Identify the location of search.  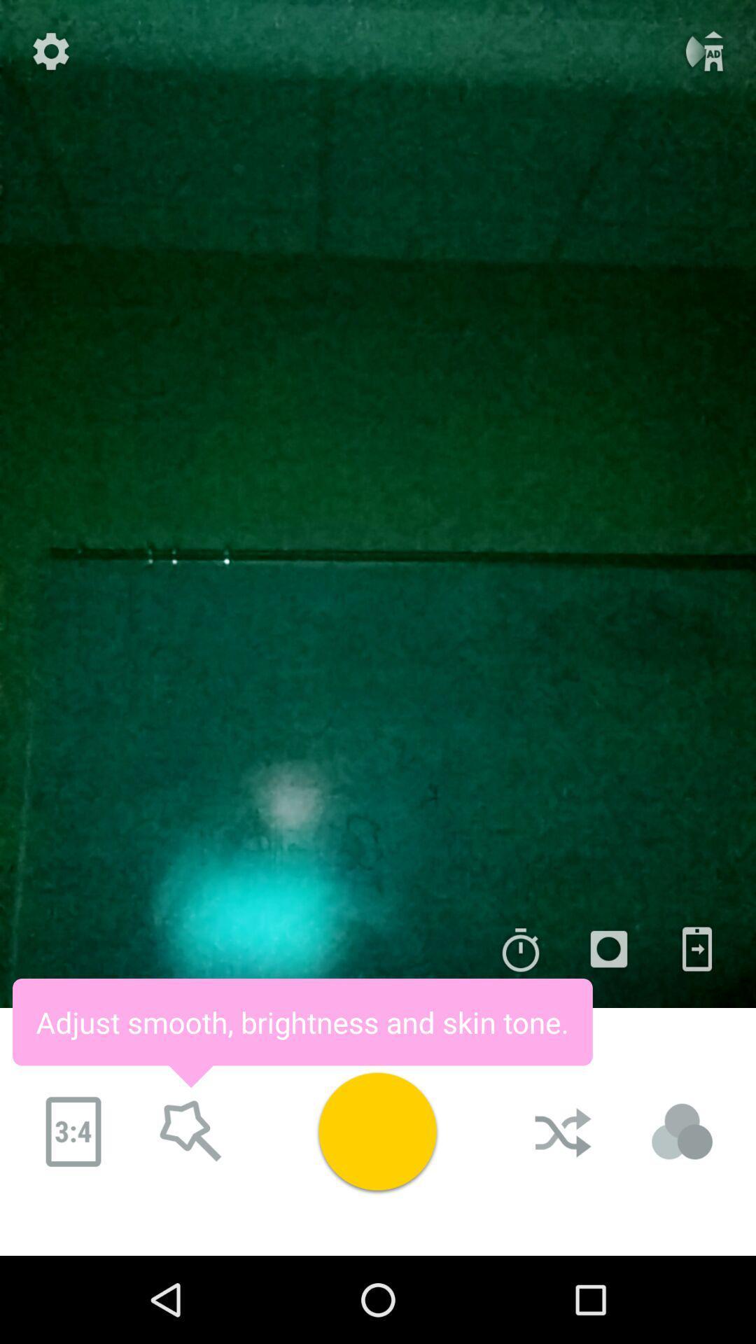
(191, 1132).